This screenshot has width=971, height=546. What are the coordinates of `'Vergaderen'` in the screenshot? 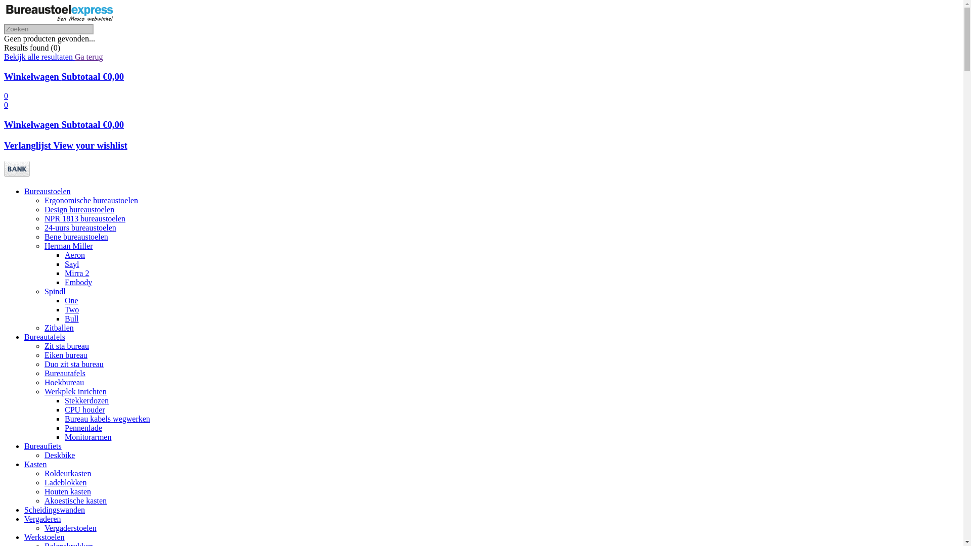 It's located at (42, 519).